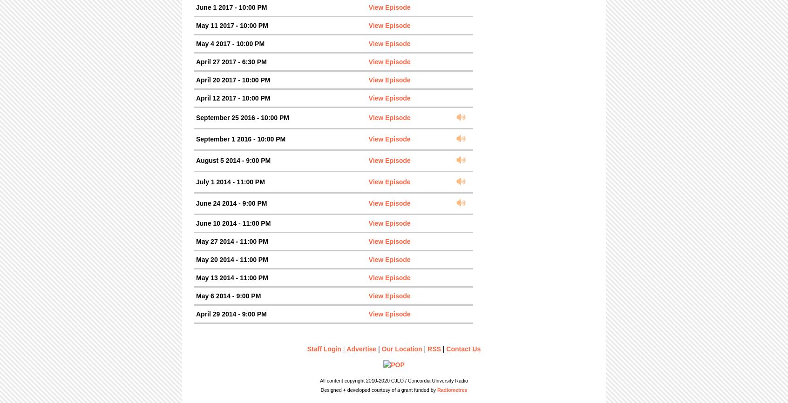 The width and height of the screenshot is (788, 403). I want to click on 'All content copyright 2010-2020 CJLO / Concordia University Radio', so click(394, 379).